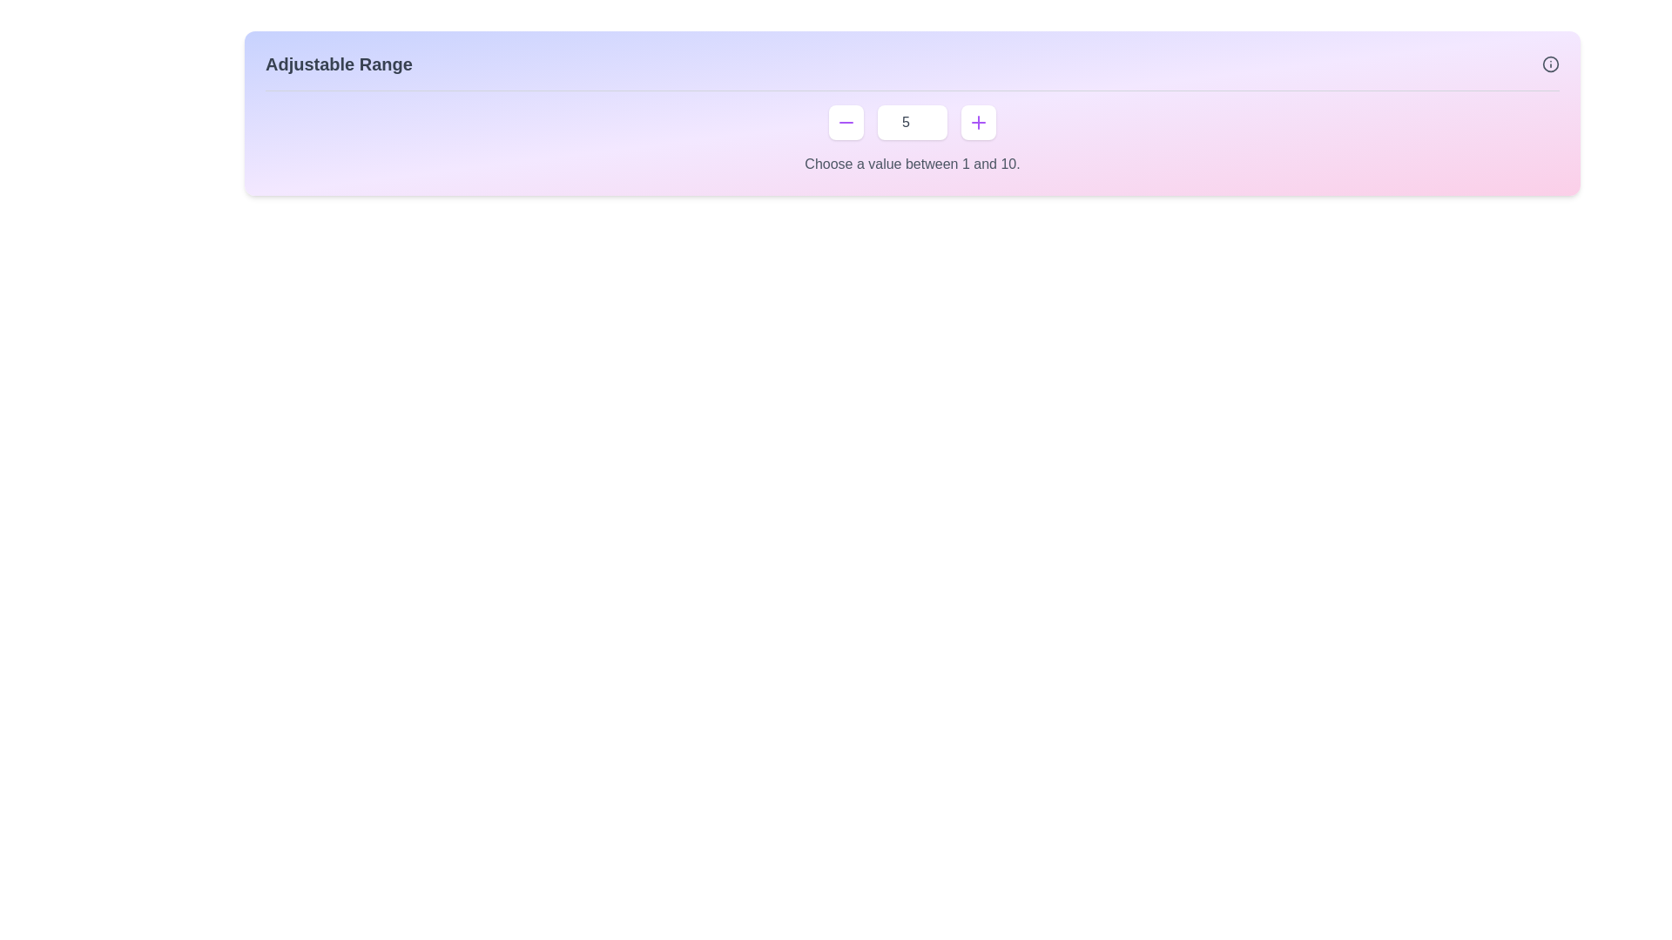 The image size is (1672, 940). What do you see at coordinates (978, 122) in the screenshot?
I see `the button with a plus icon located to the right of the number input field to increase the numeric value displayed in the adjacent input field by one` at bounding box center [978, 122].